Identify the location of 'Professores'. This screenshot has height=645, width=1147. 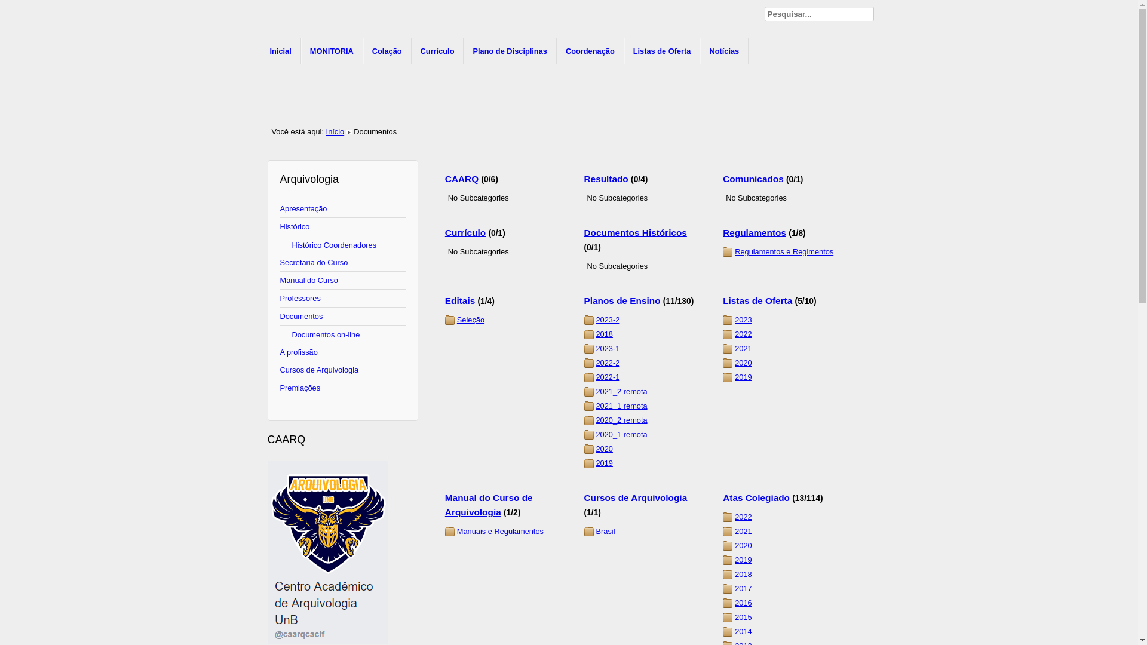
(342, 298).